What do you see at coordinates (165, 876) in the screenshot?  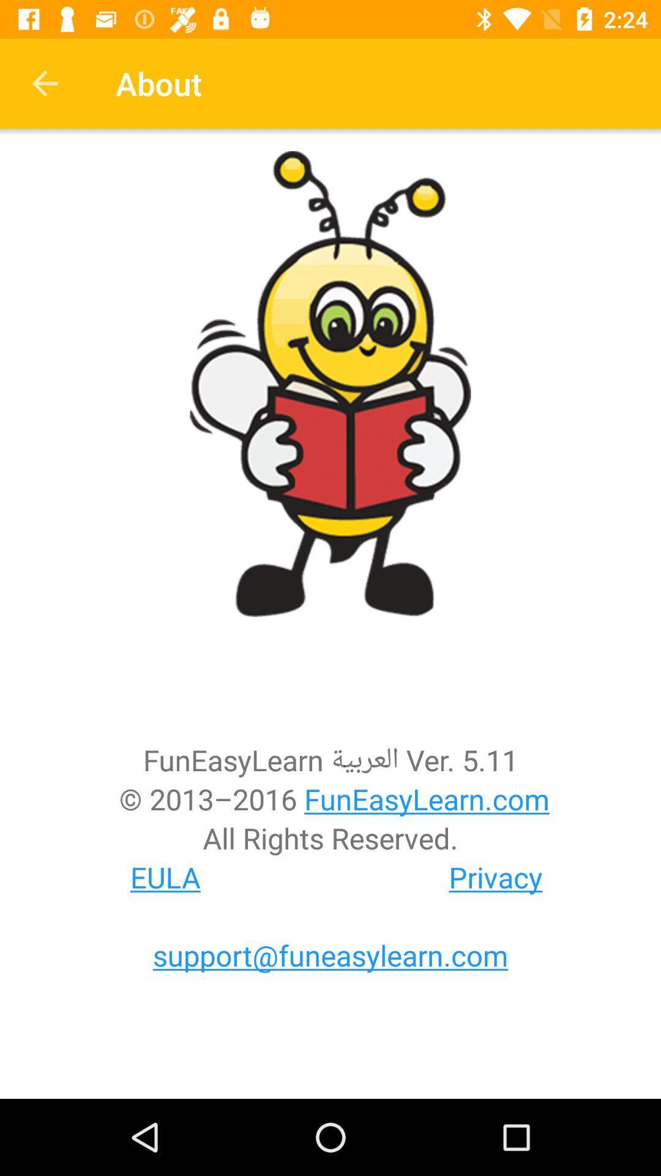 I see `icon next to privacy icon` at bounding box center [165, 876].